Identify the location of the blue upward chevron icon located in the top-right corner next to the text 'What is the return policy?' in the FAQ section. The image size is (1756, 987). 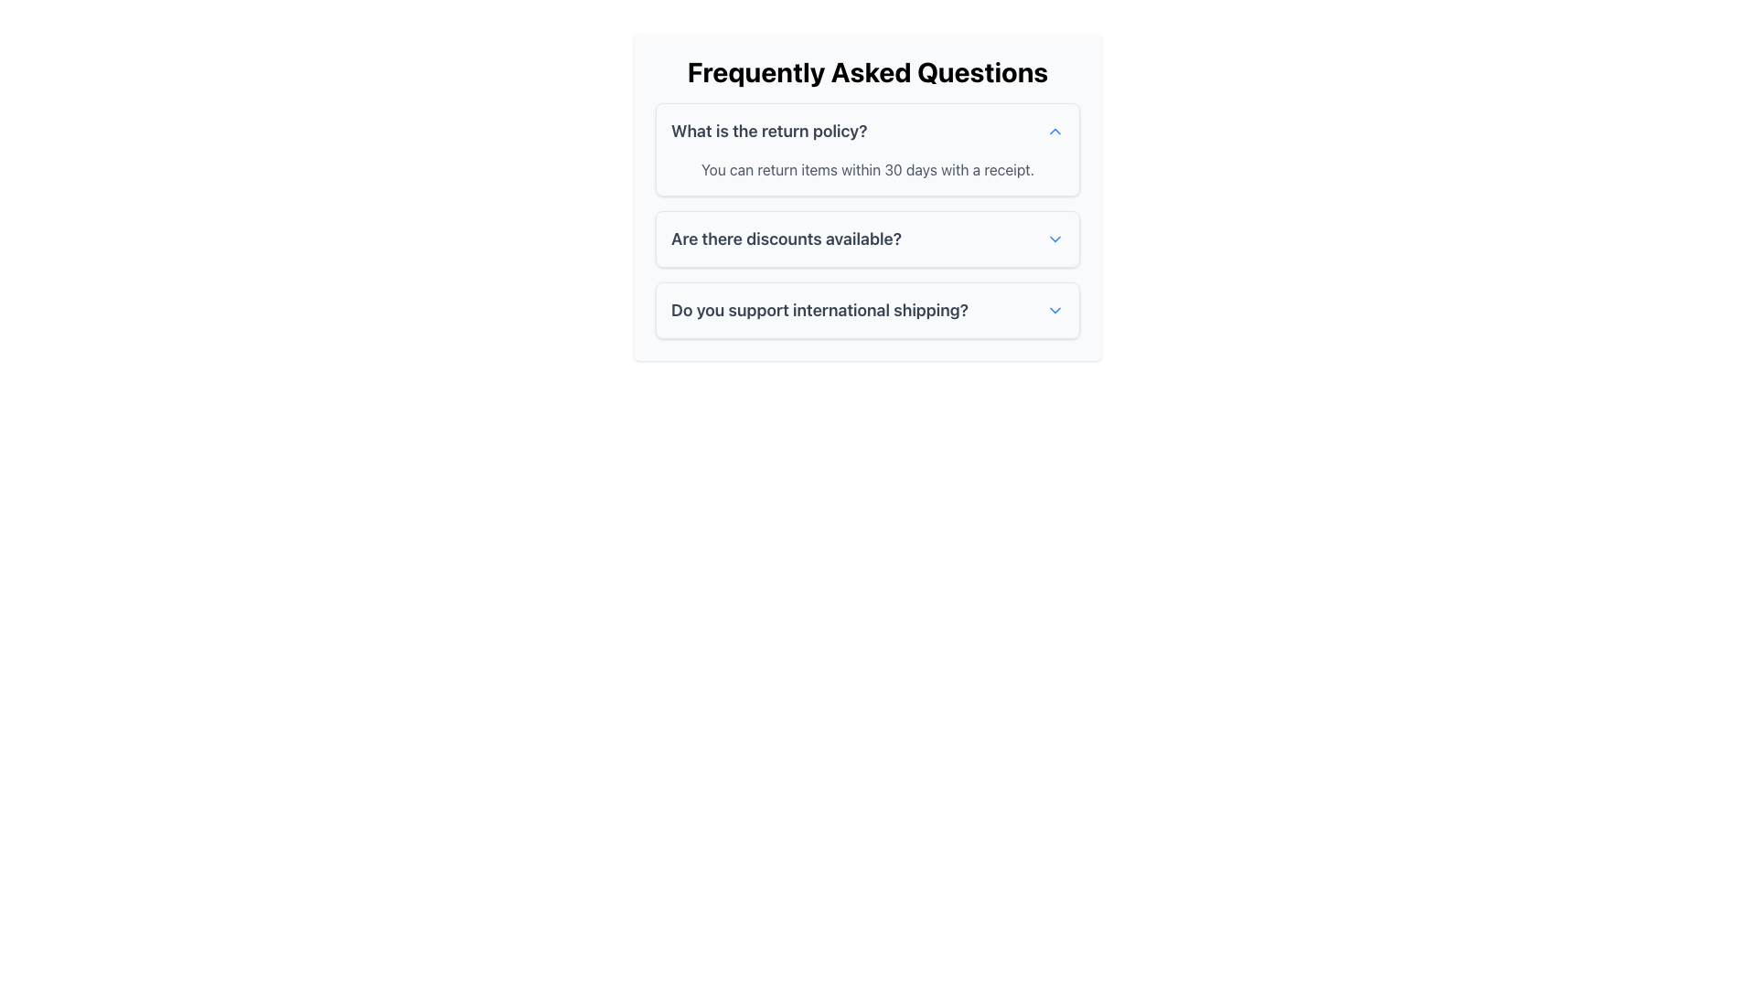
(1055, 130).